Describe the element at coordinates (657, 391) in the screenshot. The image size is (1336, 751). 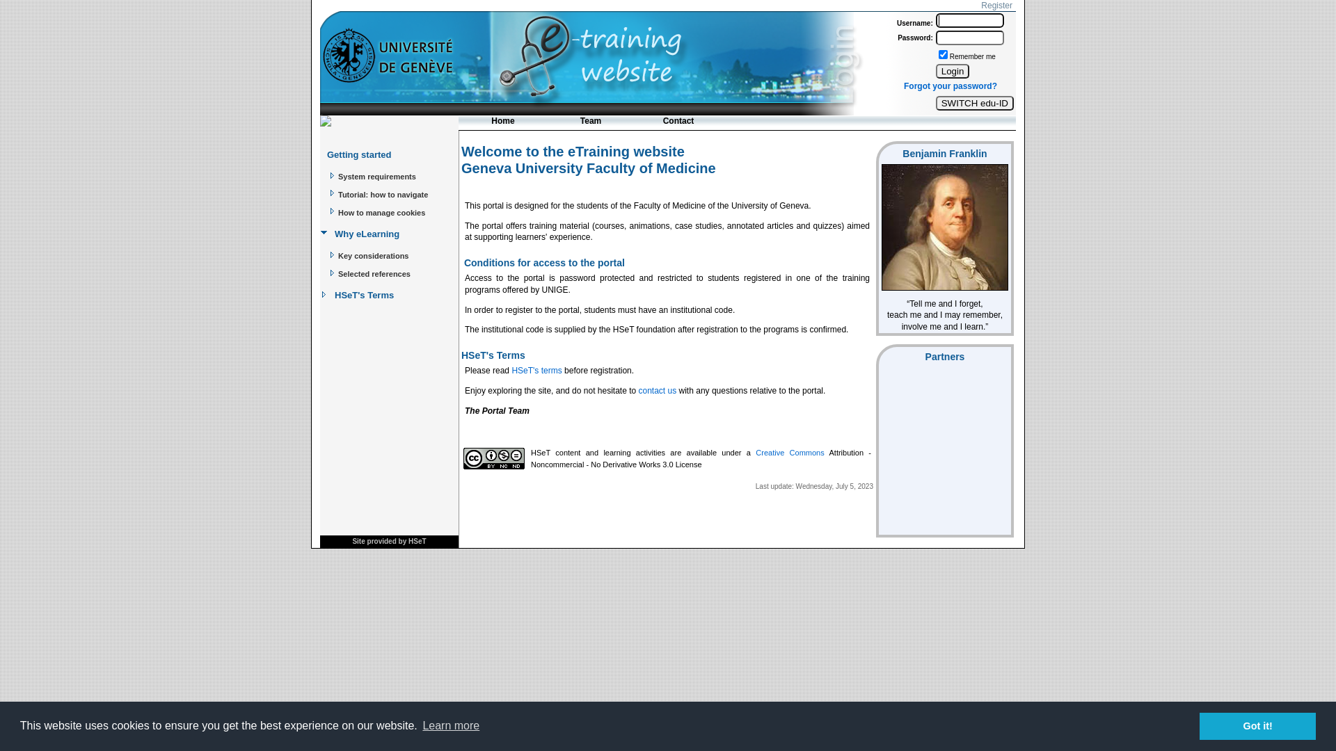
I see `'contact us'` at that location.